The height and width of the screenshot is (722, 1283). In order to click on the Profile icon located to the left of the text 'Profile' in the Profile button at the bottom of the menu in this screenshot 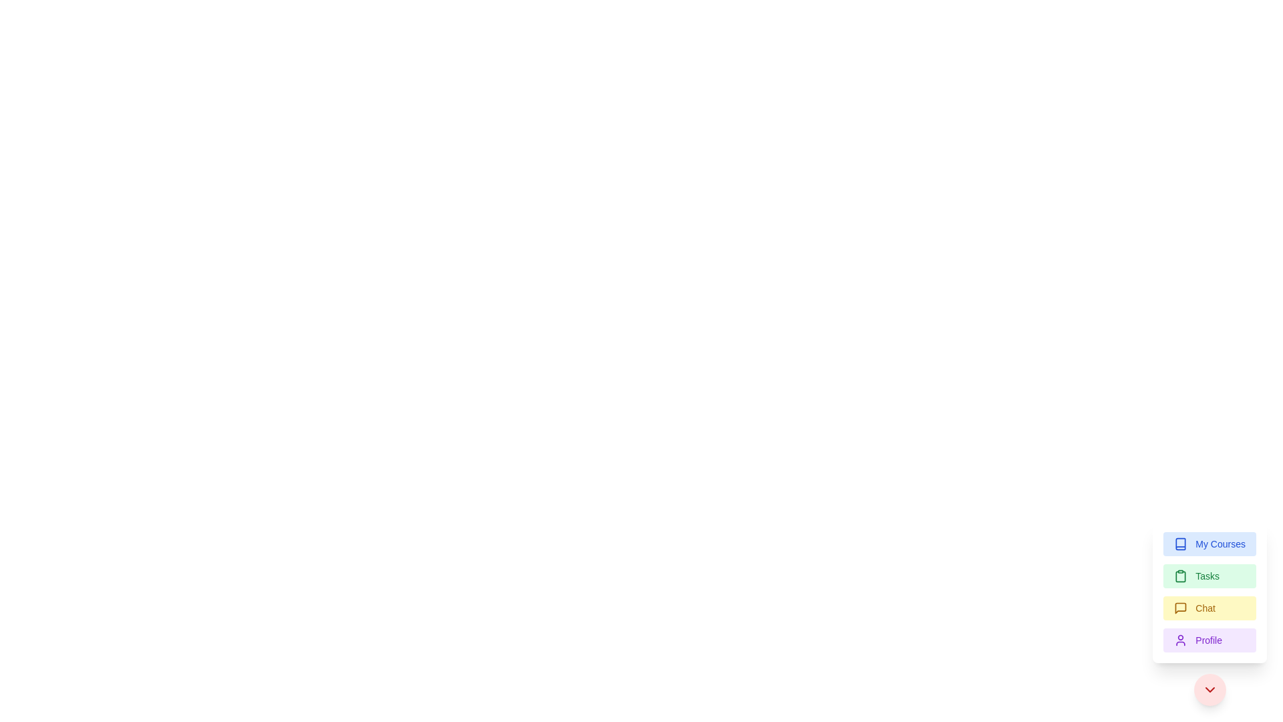, I will do `click(1181, 639)`.